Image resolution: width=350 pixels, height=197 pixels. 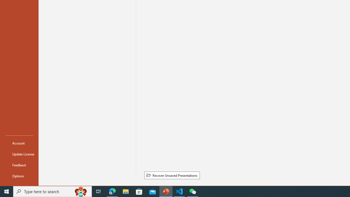 I want to click on 'Account', so click(x=19, y=143).